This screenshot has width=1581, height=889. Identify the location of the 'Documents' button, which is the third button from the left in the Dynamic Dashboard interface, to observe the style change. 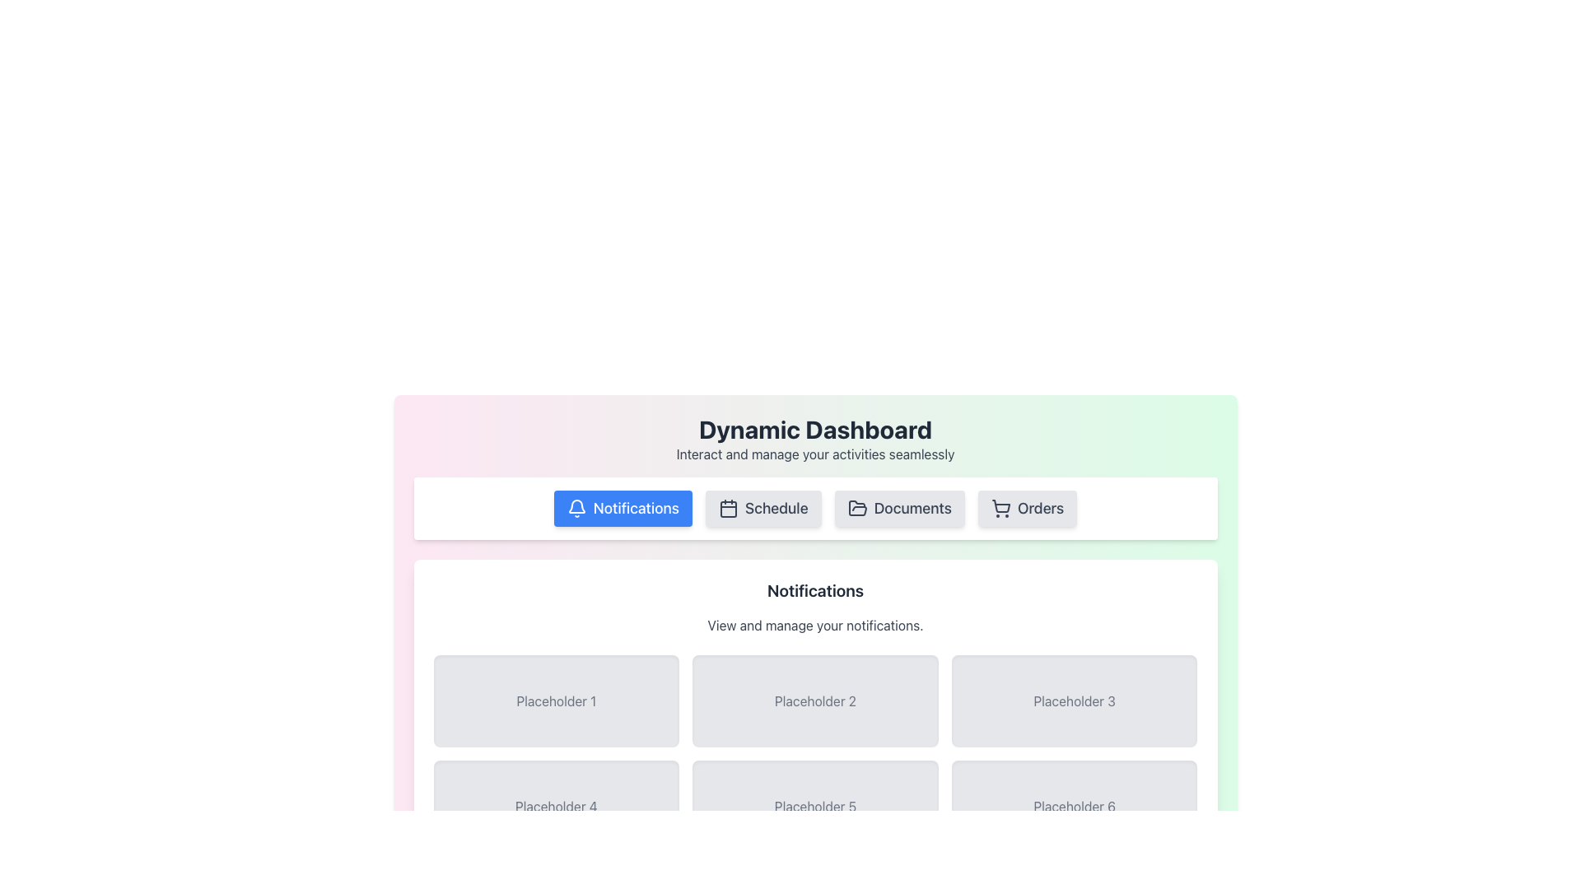
(898, 507).